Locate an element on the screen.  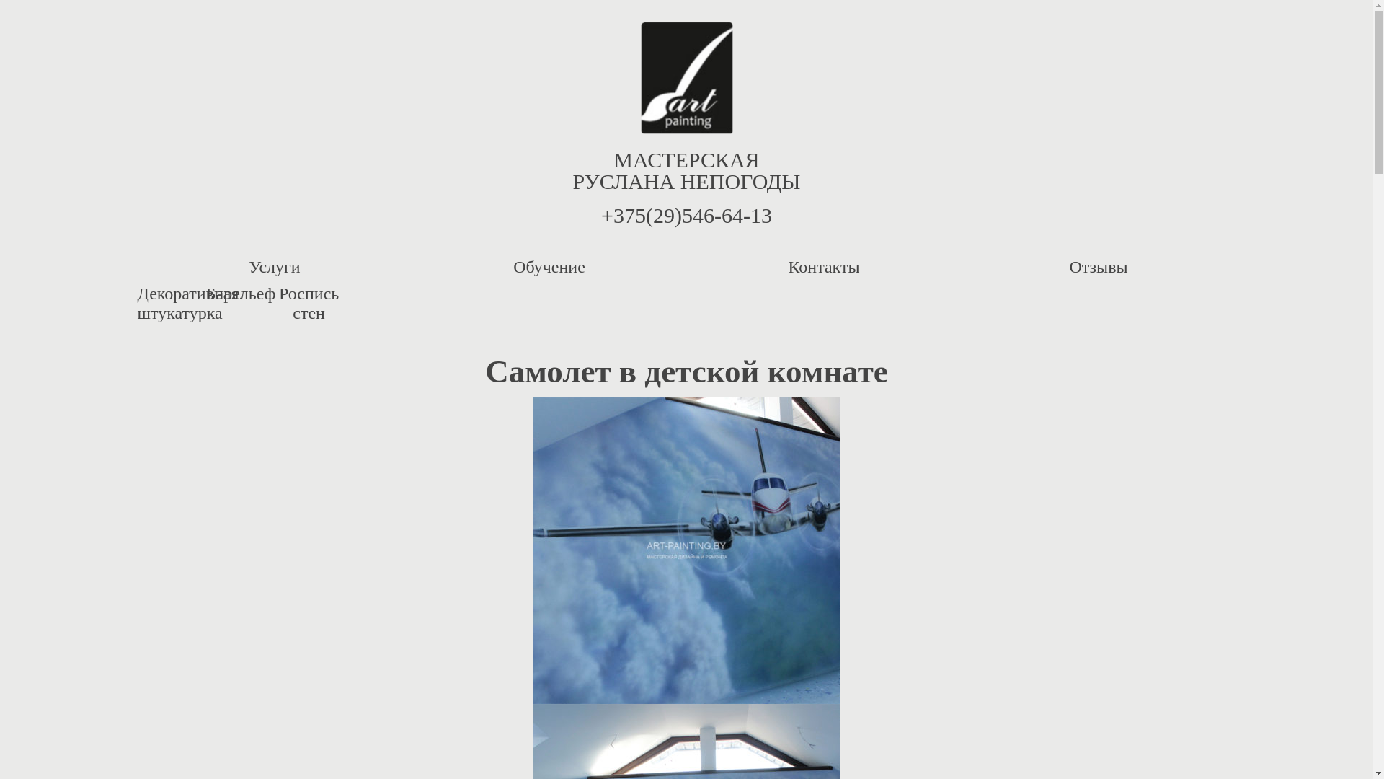
'+375(29)546-64-13' is located at coordinates (601, 215).